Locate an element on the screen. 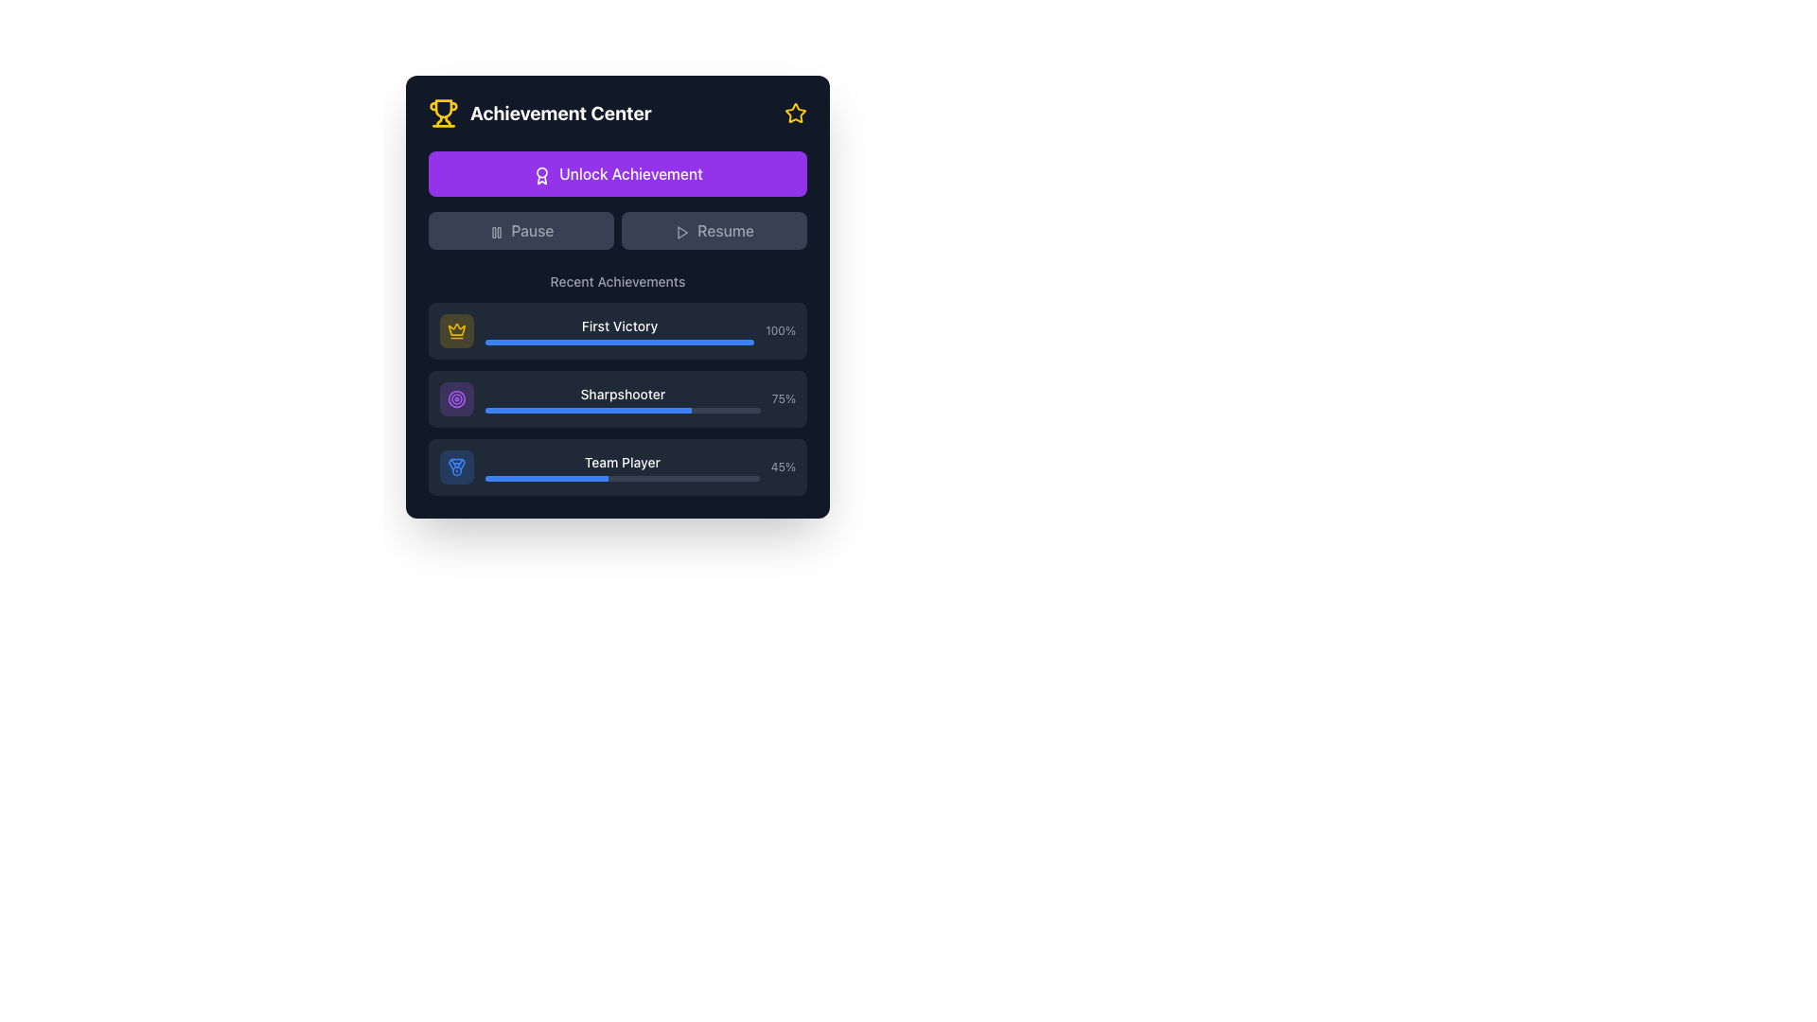 This screenshot has height=1022, width=1817. the visual indicator icon located in the top-right corner of the 'Achievement Center' card, next to the title text 'Achievement Center' is located at coordinates (795, 113).